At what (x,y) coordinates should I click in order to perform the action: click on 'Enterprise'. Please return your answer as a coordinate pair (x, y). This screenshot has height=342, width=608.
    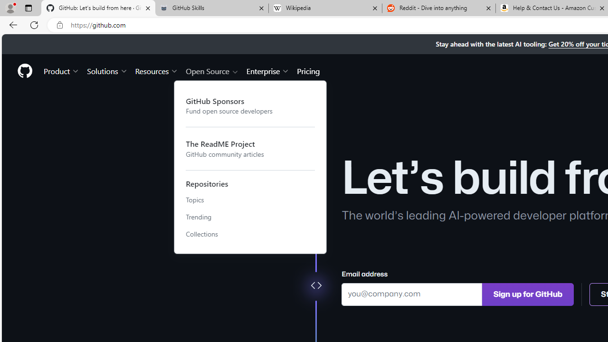
    Looking at the image, I should click on (267, 70).